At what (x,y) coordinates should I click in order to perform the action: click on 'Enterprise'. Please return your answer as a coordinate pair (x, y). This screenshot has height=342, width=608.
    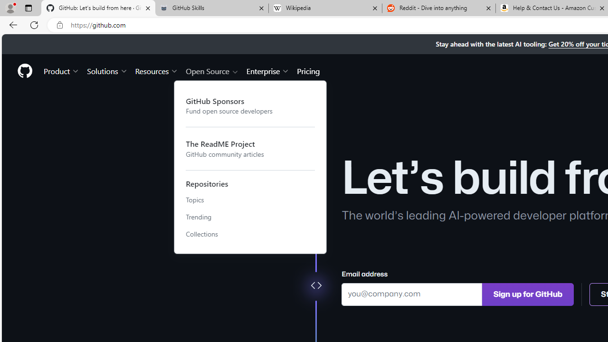
    Looking at the image, I should click on (267, 70).